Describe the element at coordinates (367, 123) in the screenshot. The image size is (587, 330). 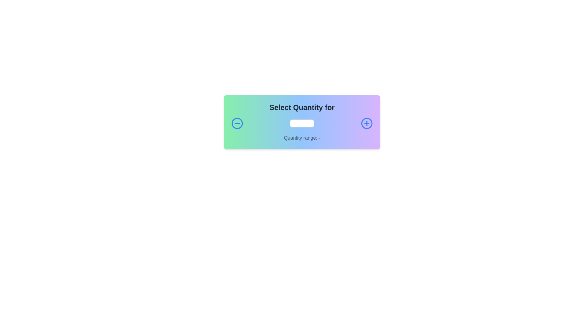
I see `the increment button, which is a circular button located on the right-hand side of the counter interface, to increase the numerical value displayed in the counter` at that location.